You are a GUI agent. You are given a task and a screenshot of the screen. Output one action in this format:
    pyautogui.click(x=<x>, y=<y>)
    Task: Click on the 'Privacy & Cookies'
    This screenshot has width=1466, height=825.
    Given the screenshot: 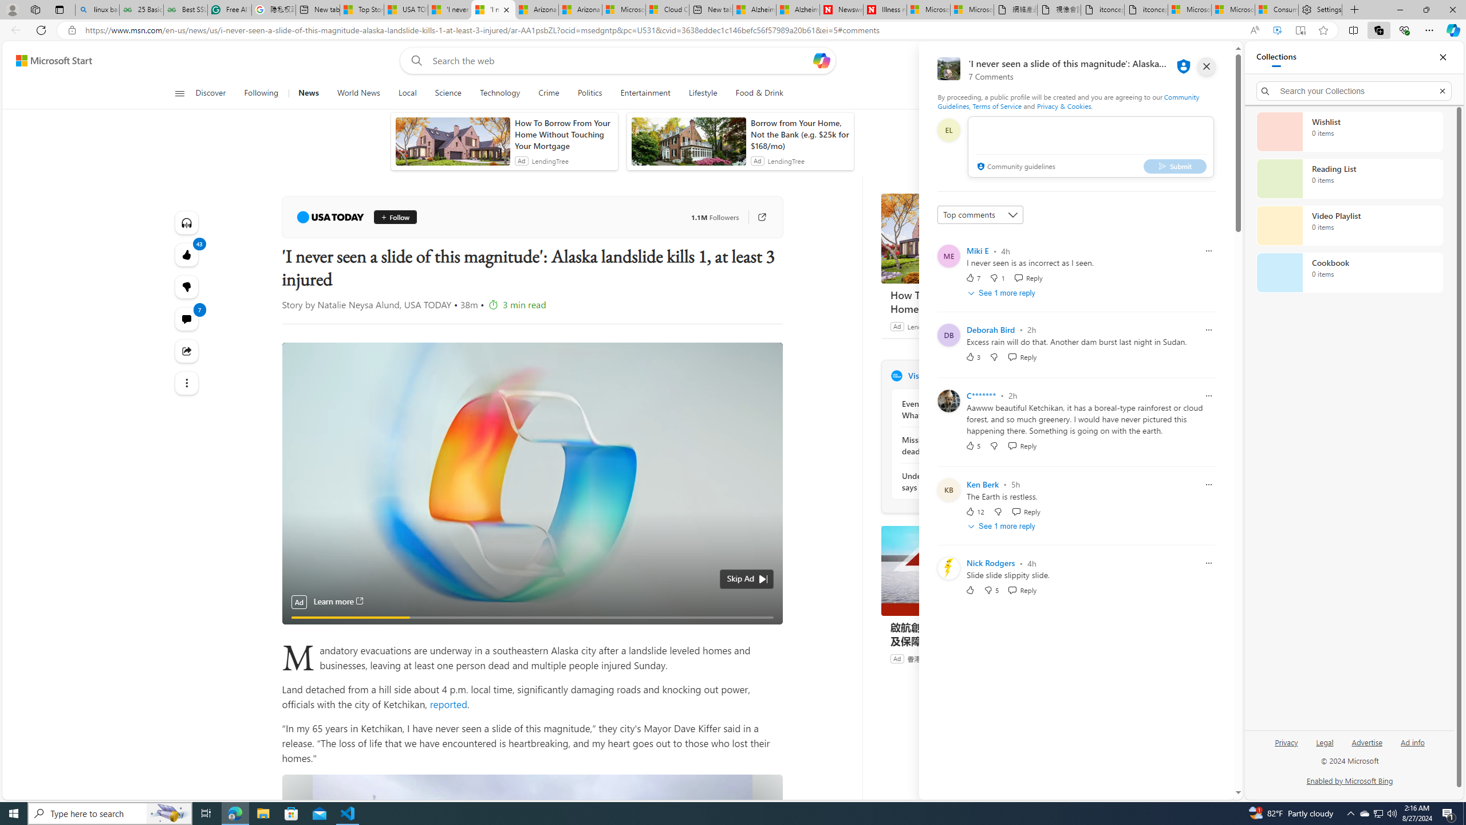 What is the action you would take?
    pyautogui.click(x=1064, y=105)
    